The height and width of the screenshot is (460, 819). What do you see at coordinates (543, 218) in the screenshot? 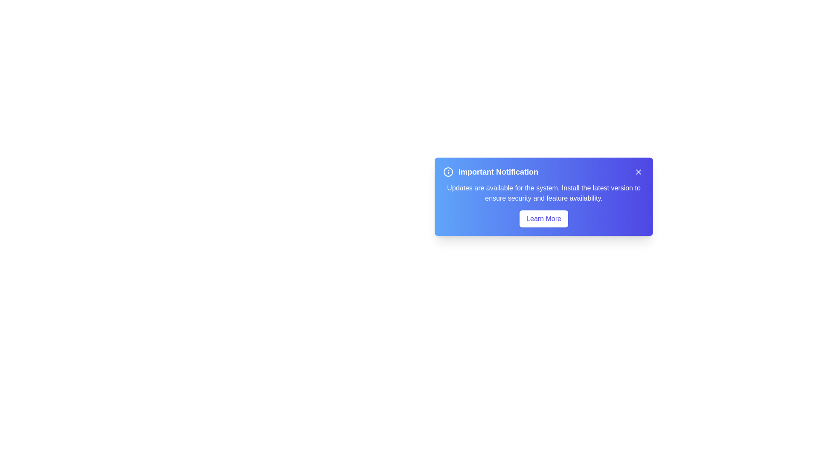
I see `the 'Learn More' button to navigate to the updates page` at bounding box center [543, 218].